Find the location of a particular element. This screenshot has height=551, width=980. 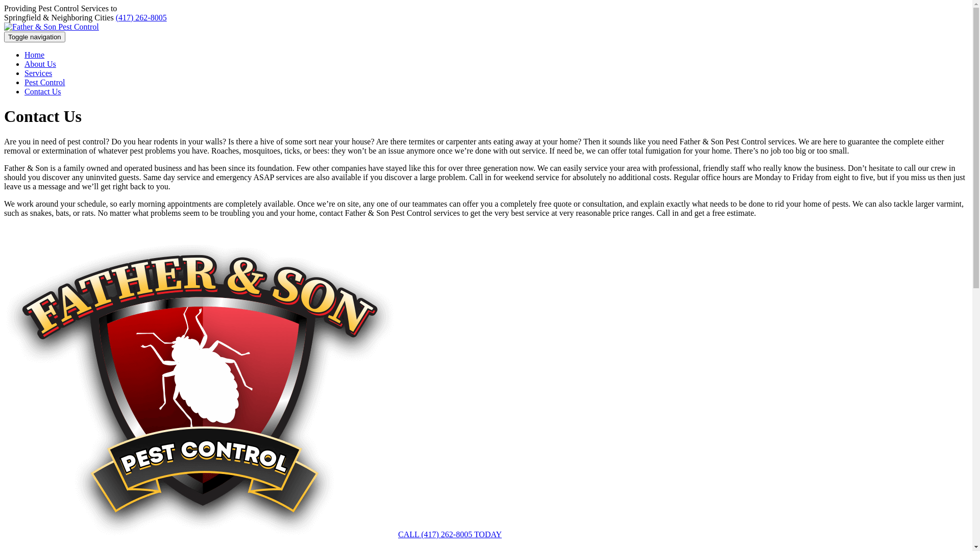

'Services' is located at coordinates (38, 72).